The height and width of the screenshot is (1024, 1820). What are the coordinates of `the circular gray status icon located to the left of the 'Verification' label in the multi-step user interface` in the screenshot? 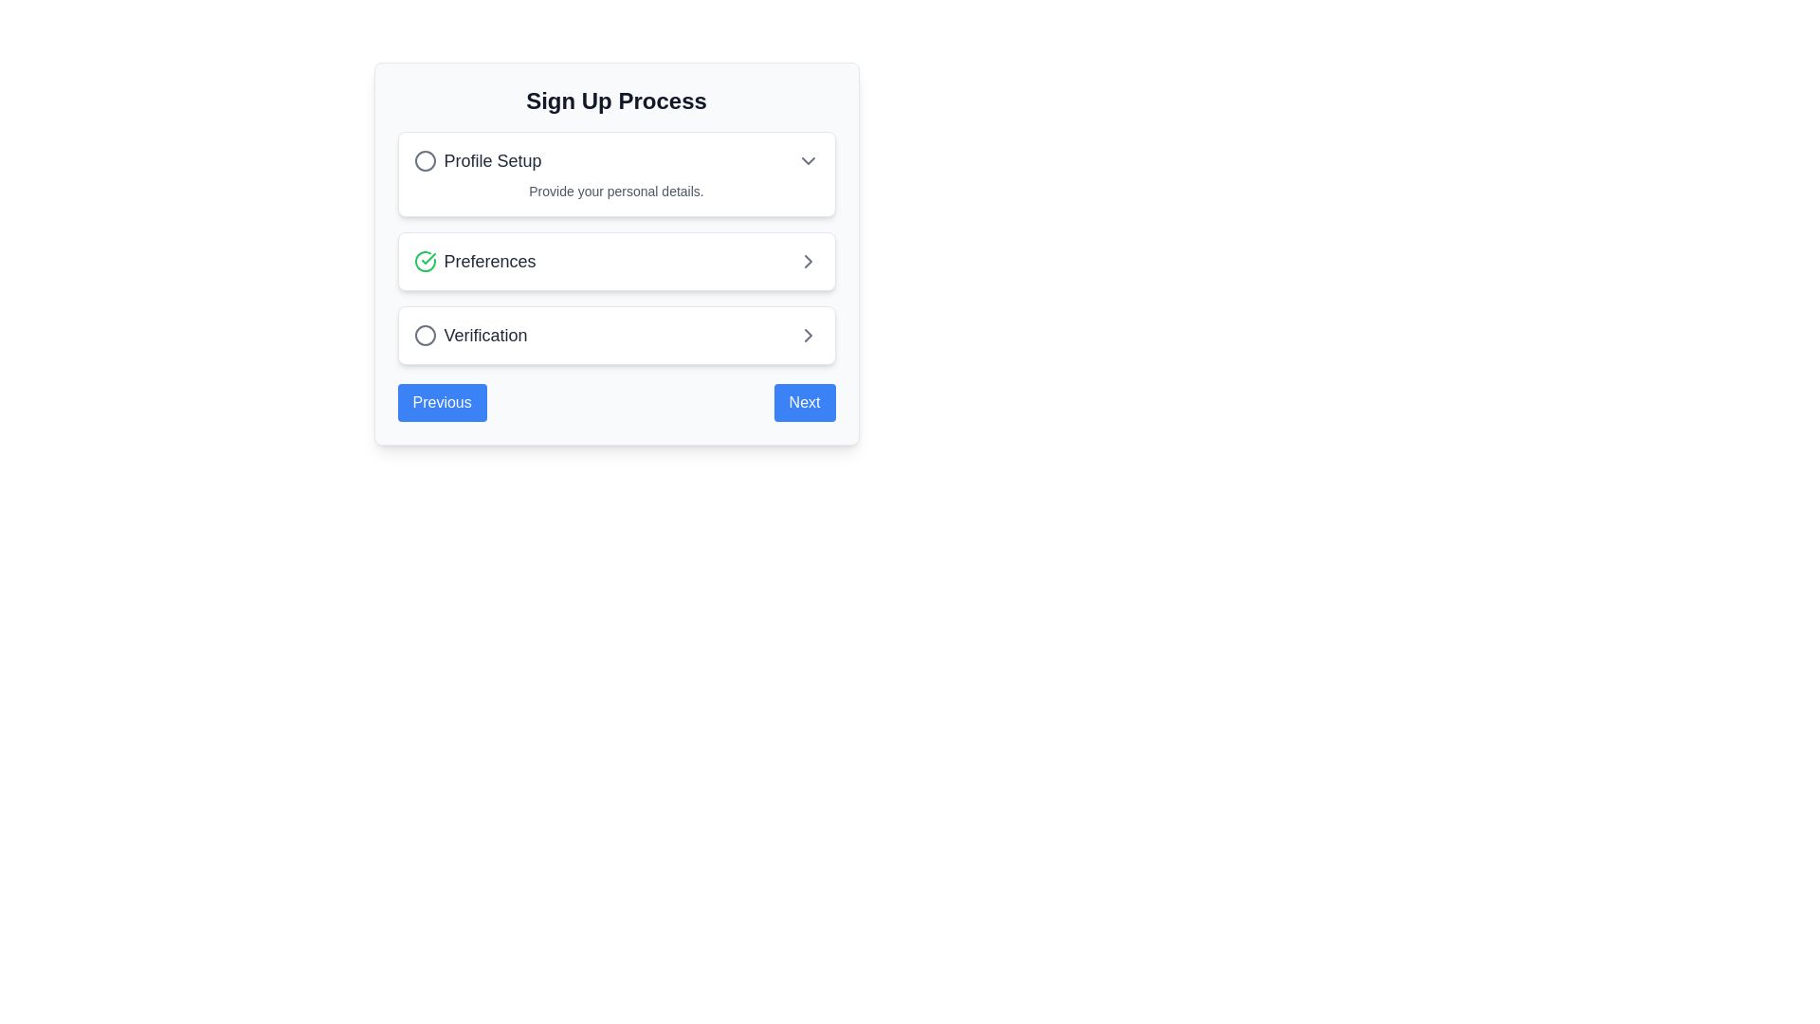 It's located at (424, 335).